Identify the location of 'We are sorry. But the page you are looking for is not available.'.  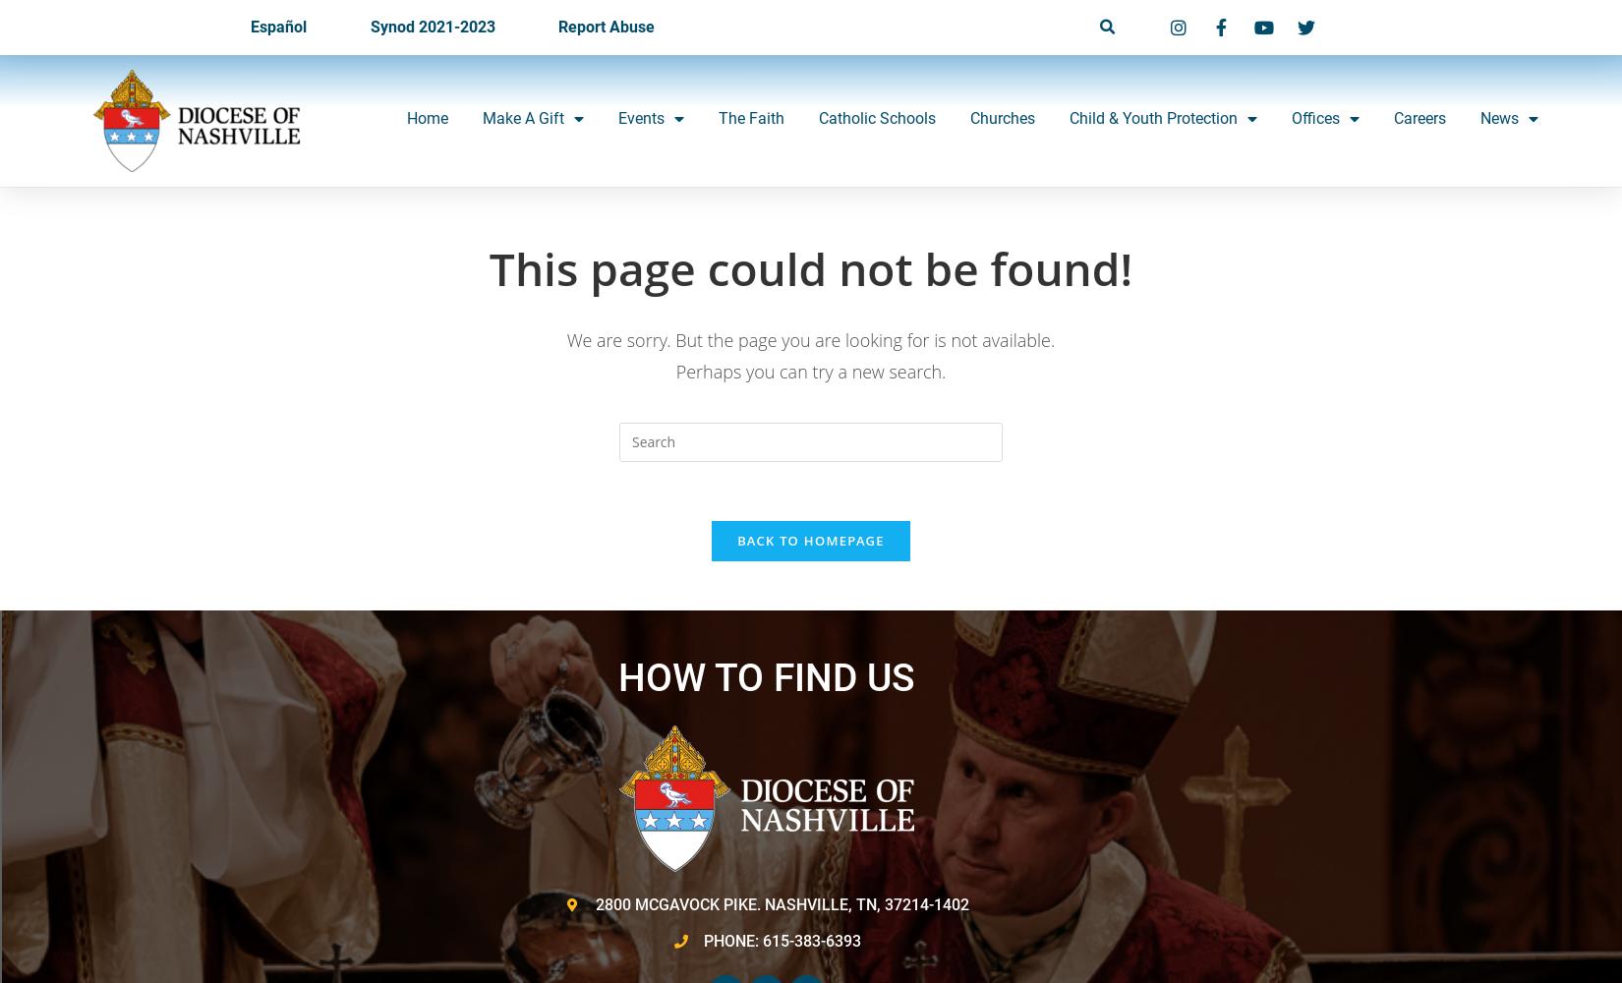
(809, 338).